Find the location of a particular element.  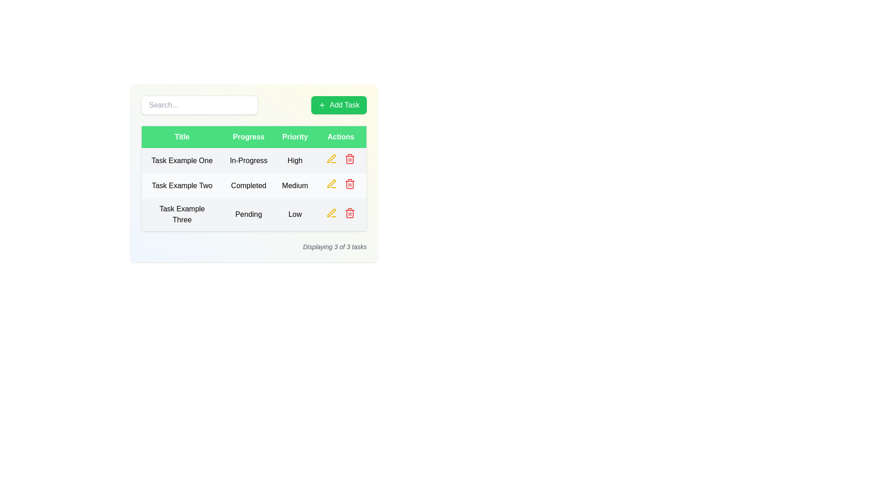

the small yellow pencil icon in the 'Actions' column for 'Task Example Two' to initiate editing is located at coordinates (331, 213).